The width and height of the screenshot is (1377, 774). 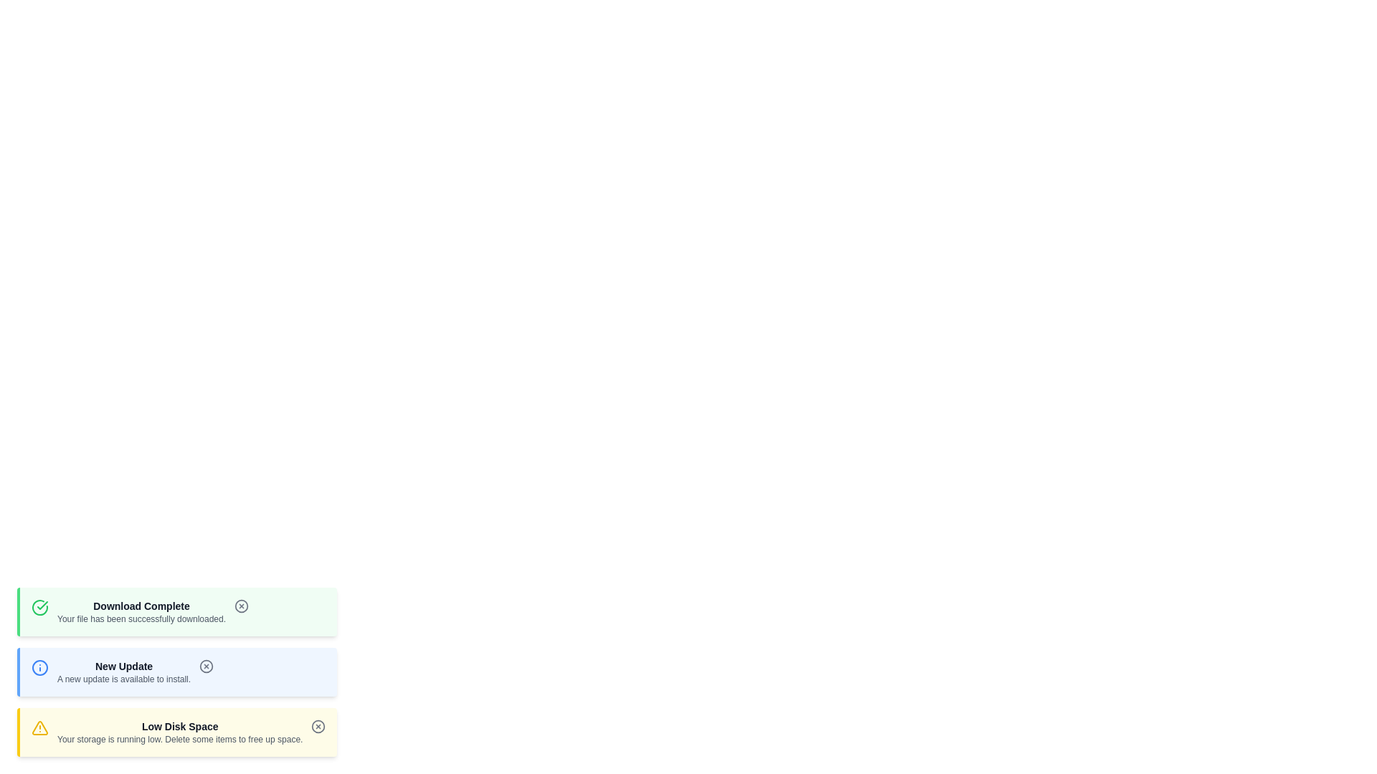 I want to click on the icon corresponding to the notification type warning, so click(x=40, y=727).